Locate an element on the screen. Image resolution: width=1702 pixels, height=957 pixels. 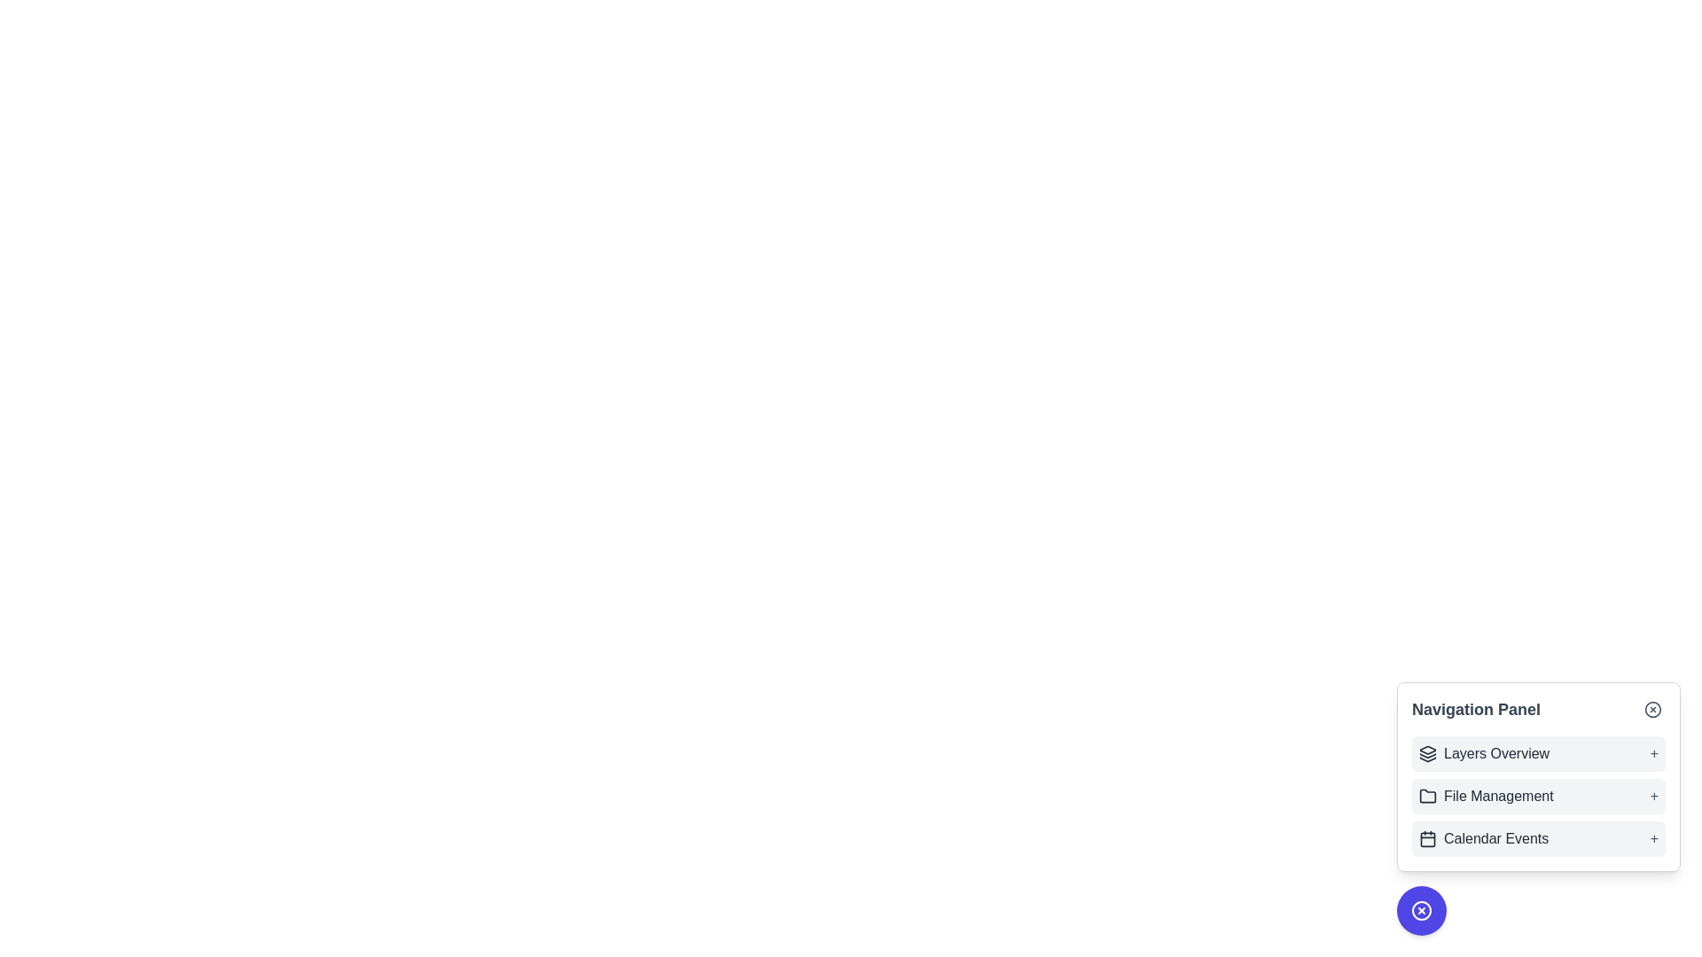
the purple circular button located at the bottom-right corner of the interface is located at coordinates (1421, 911).